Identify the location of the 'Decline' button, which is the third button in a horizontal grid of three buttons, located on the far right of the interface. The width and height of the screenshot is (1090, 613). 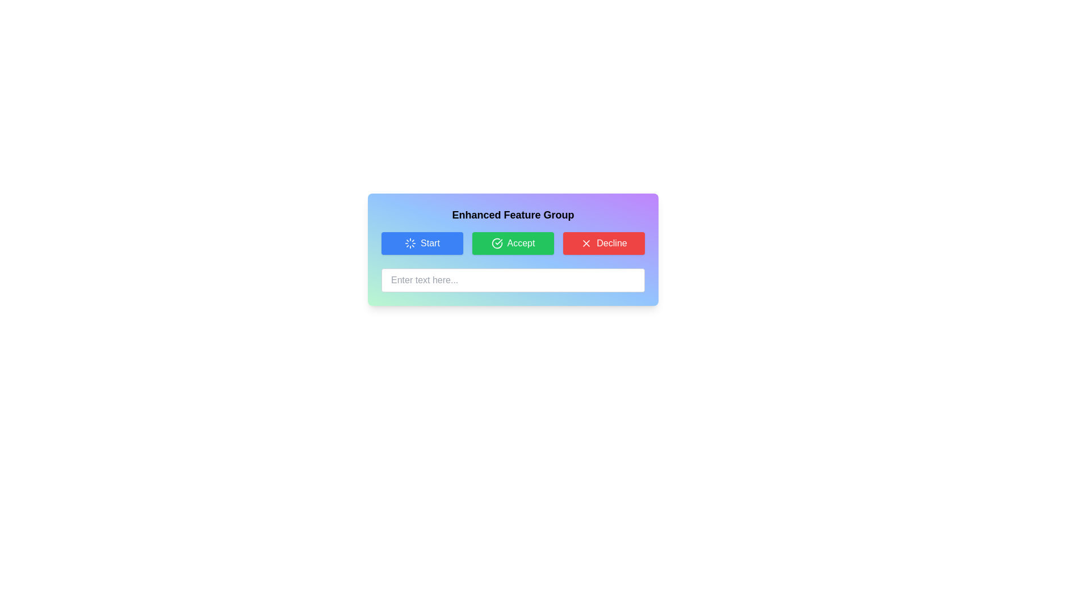
(603, 242).